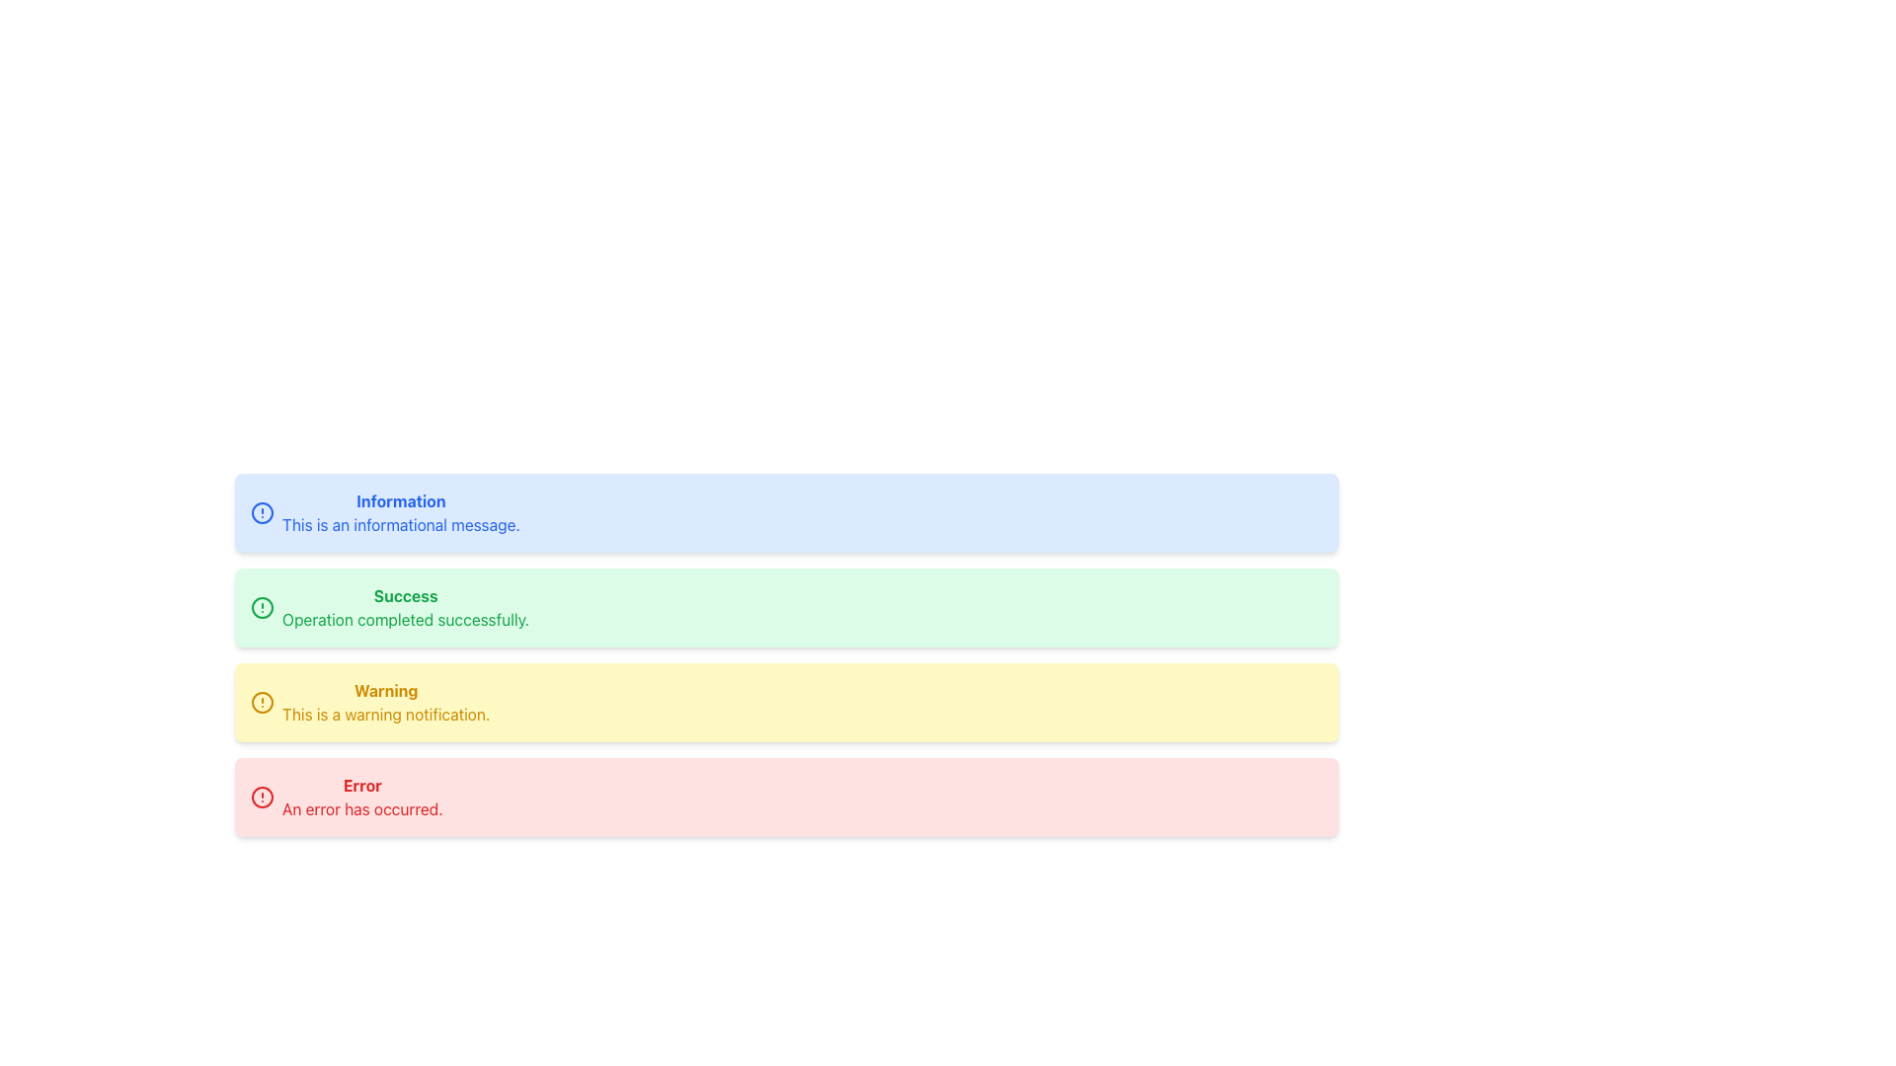 The image size is (1896, 1066). What do you see at coordinates (362, 796) in the screenshot?
I see `error message displayed in the fourth notification box with a red background located at the bottom of the alert stack` at bounding box center [362, 796].